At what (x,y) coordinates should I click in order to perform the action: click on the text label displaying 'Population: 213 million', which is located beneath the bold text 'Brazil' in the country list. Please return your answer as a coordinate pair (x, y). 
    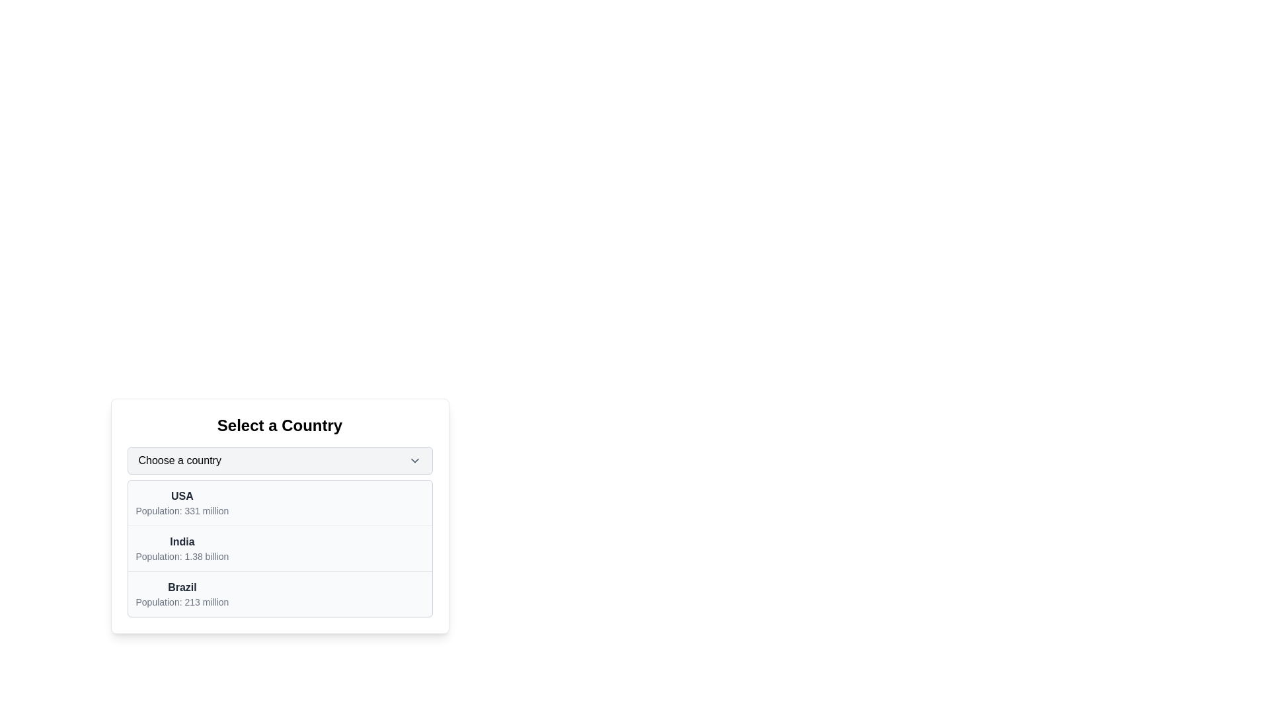
    Looking at the image, I should click on (181, 602).